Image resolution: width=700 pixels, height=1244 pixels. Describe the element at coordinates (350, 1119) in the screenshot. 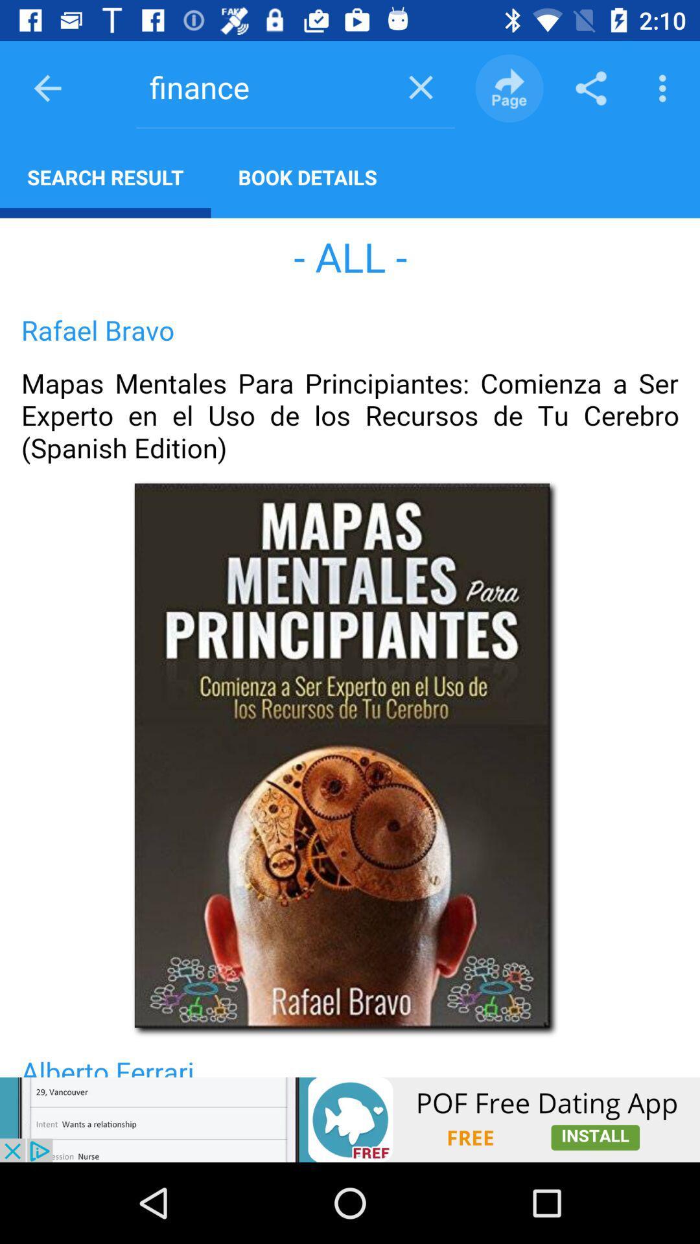

I see `visit sponsor advertisement` at that location.